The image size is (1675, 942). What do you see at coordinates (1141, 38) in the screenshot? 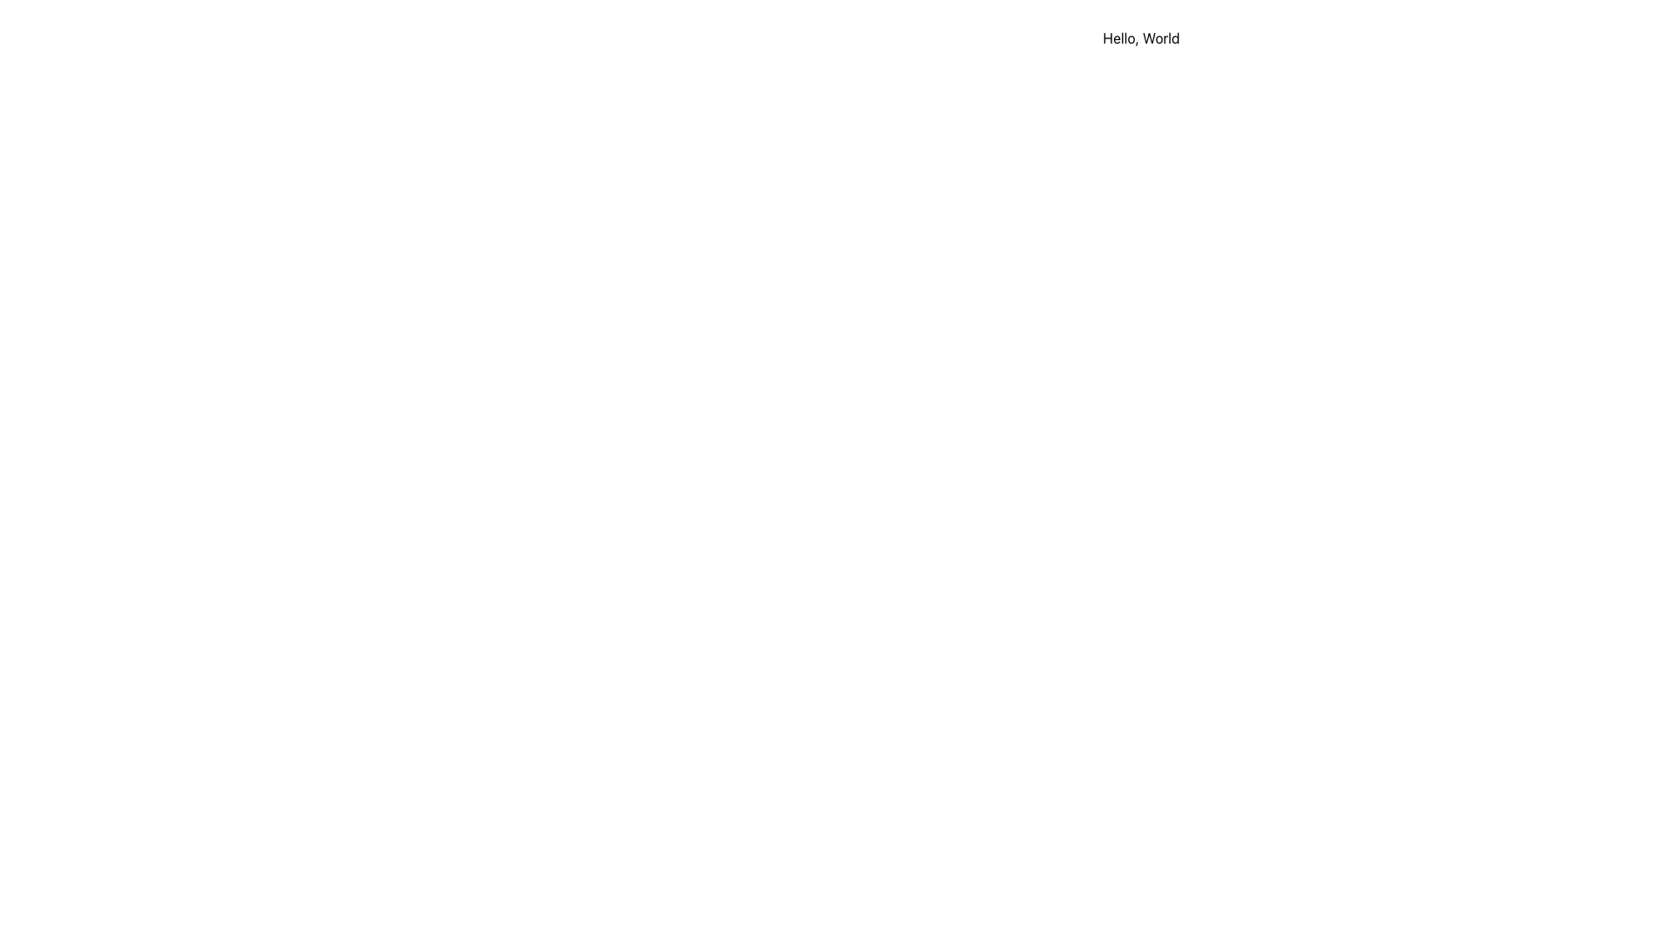
I see `the textual element displaying the phrase 'Hello, World' in a sans-serif font and black color, located near the top of a white background interface` at bounding box center [1141, 38].